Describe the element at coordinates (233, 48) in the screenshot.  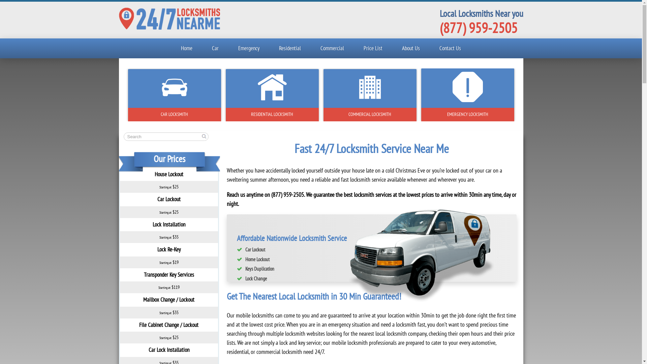
I see `'Emergency'` at that location.